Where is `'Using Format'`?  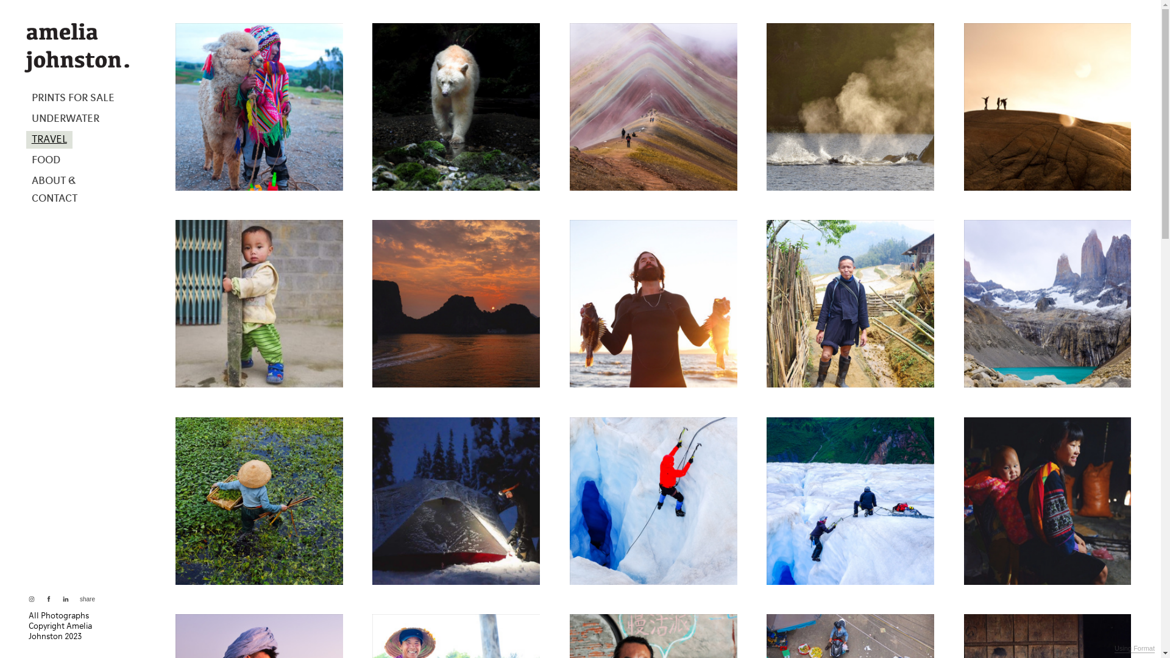
'Using Format' is located at coordinates (1134, 648).